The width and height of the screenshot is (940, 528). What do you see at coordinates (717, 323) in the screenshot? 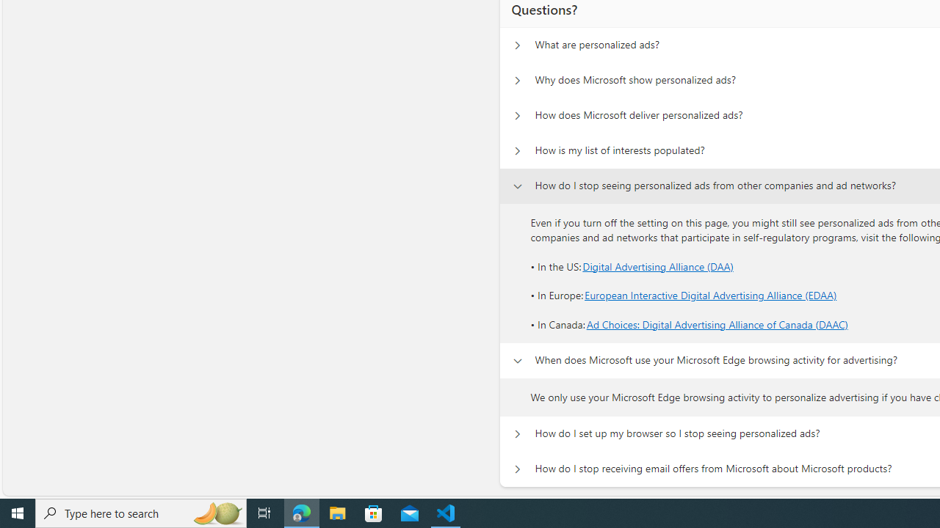
I see `'Ad Choices: Digital Advertising Alliance of Canada (DAAC)'` at bounding box center [717, 323].